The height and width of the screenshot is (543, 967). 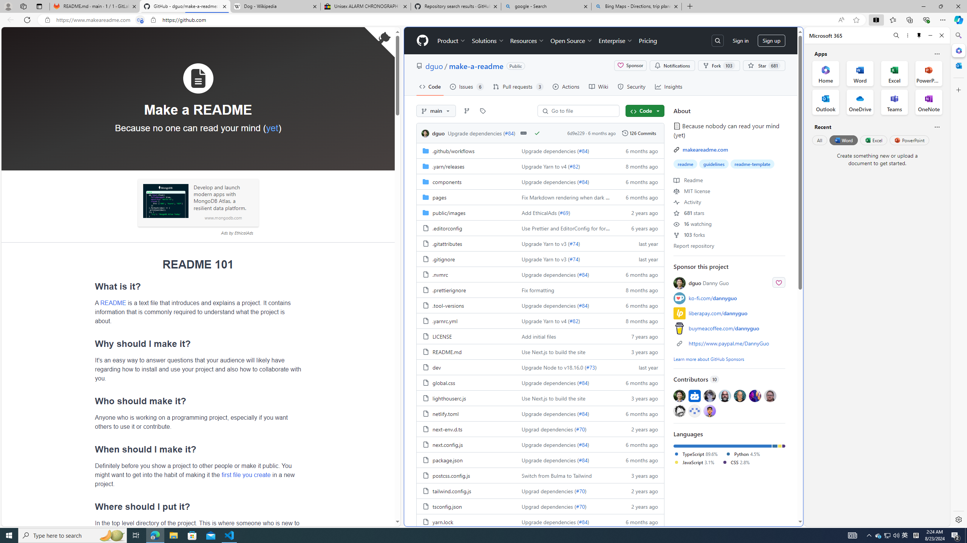 I want to click on '@davidak', so click(x=710, y=396).